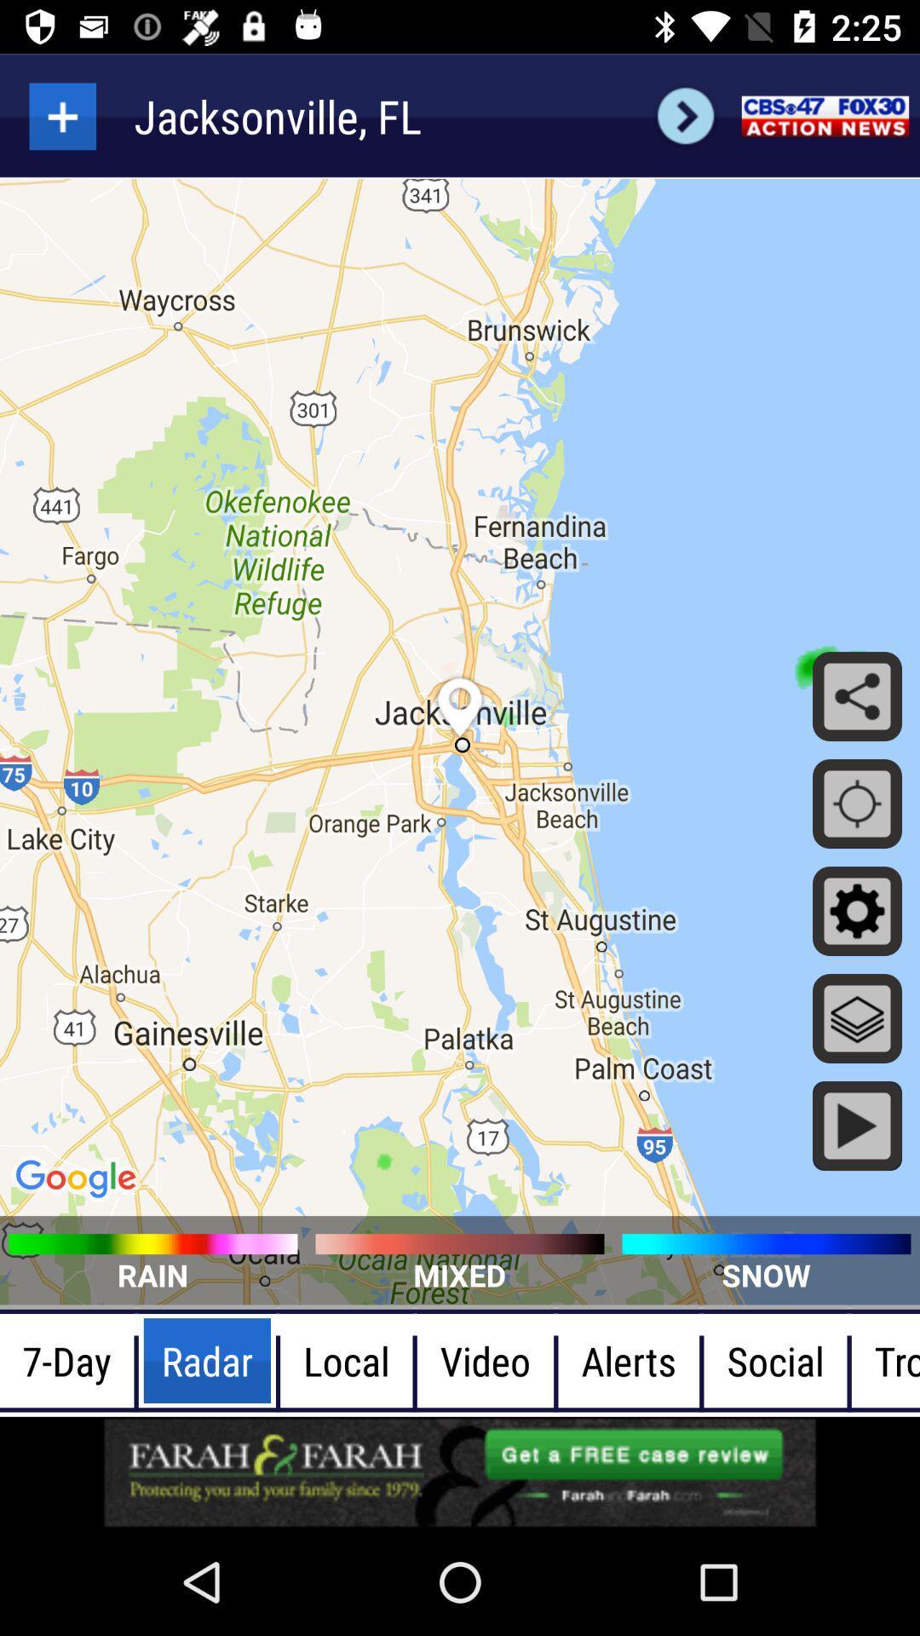 This screenshot has width=920, height=1636. I want to click on the add icon, so click(61, 115).